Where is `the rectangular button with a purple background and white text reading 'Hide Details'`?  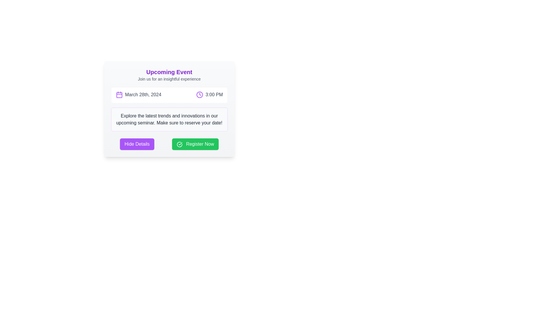 the rectangular button with a purple background and white text reading 'Hide Details' is located at coordinates (137, 144).